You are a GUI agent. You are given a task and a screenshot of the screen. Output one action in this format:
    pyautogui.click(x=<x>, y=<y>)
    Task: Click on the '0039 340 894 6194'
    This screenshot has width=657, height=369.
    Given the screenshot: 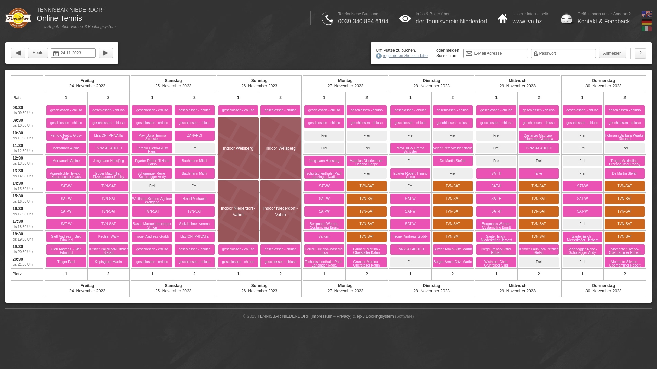 What is the action you would take?
    pyautogui.click(x=363, y=21)
    